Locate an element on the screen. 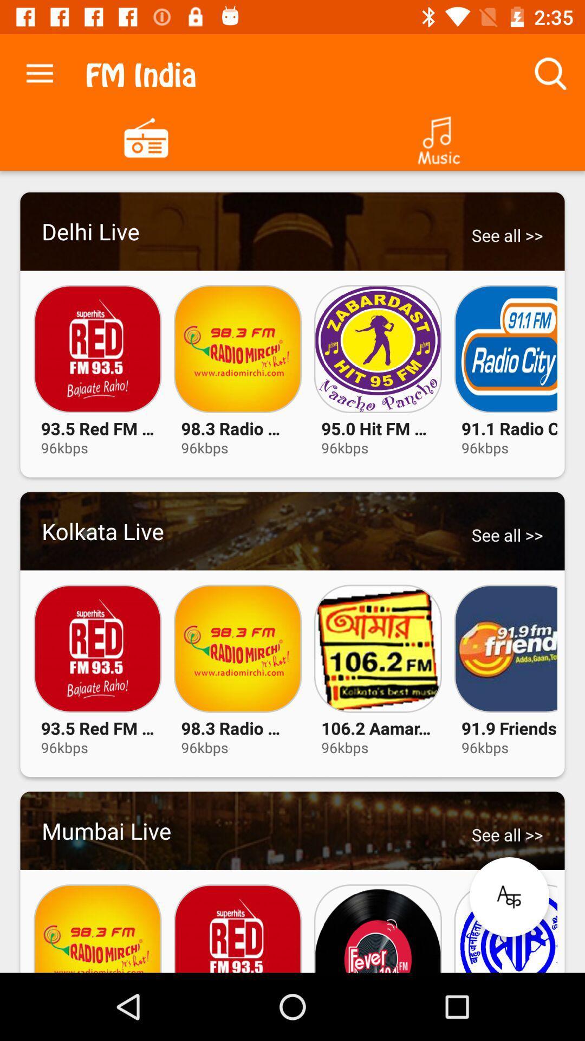  the app next to fm india item is located at coordinates (39, 70).